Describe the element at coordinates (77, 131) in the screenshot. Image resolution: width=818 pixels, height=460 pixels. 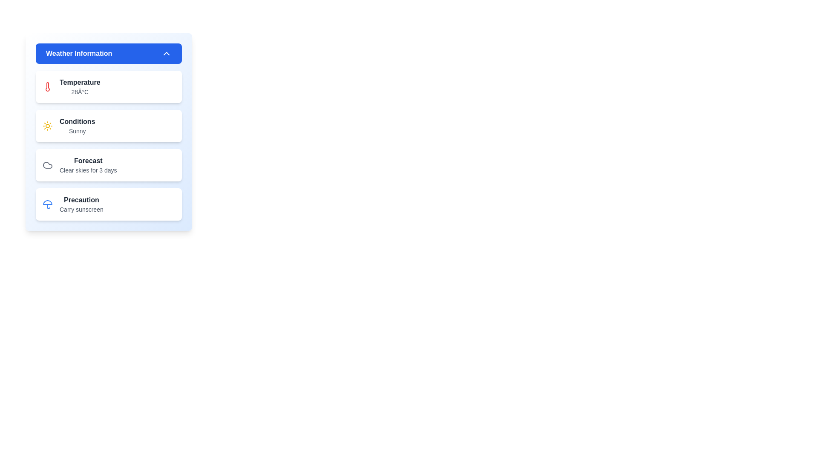
I see `the Text label that indicates the current weather condition, which states it is sunny, located in the 'Conditions' field of the Weather Information panel below the 'Conditions' label` at that location.